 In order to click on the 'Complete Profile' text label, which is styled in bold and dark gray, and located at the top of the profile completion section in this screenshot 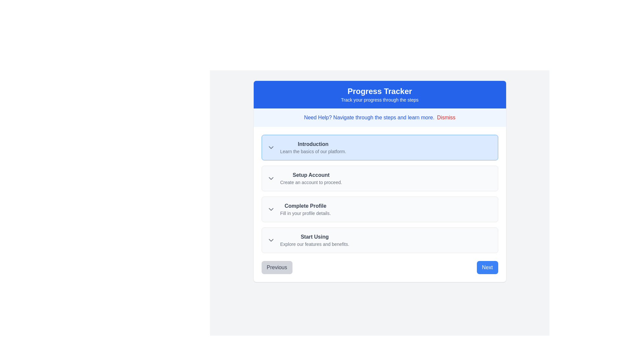, I will do `click(305, 206)`.